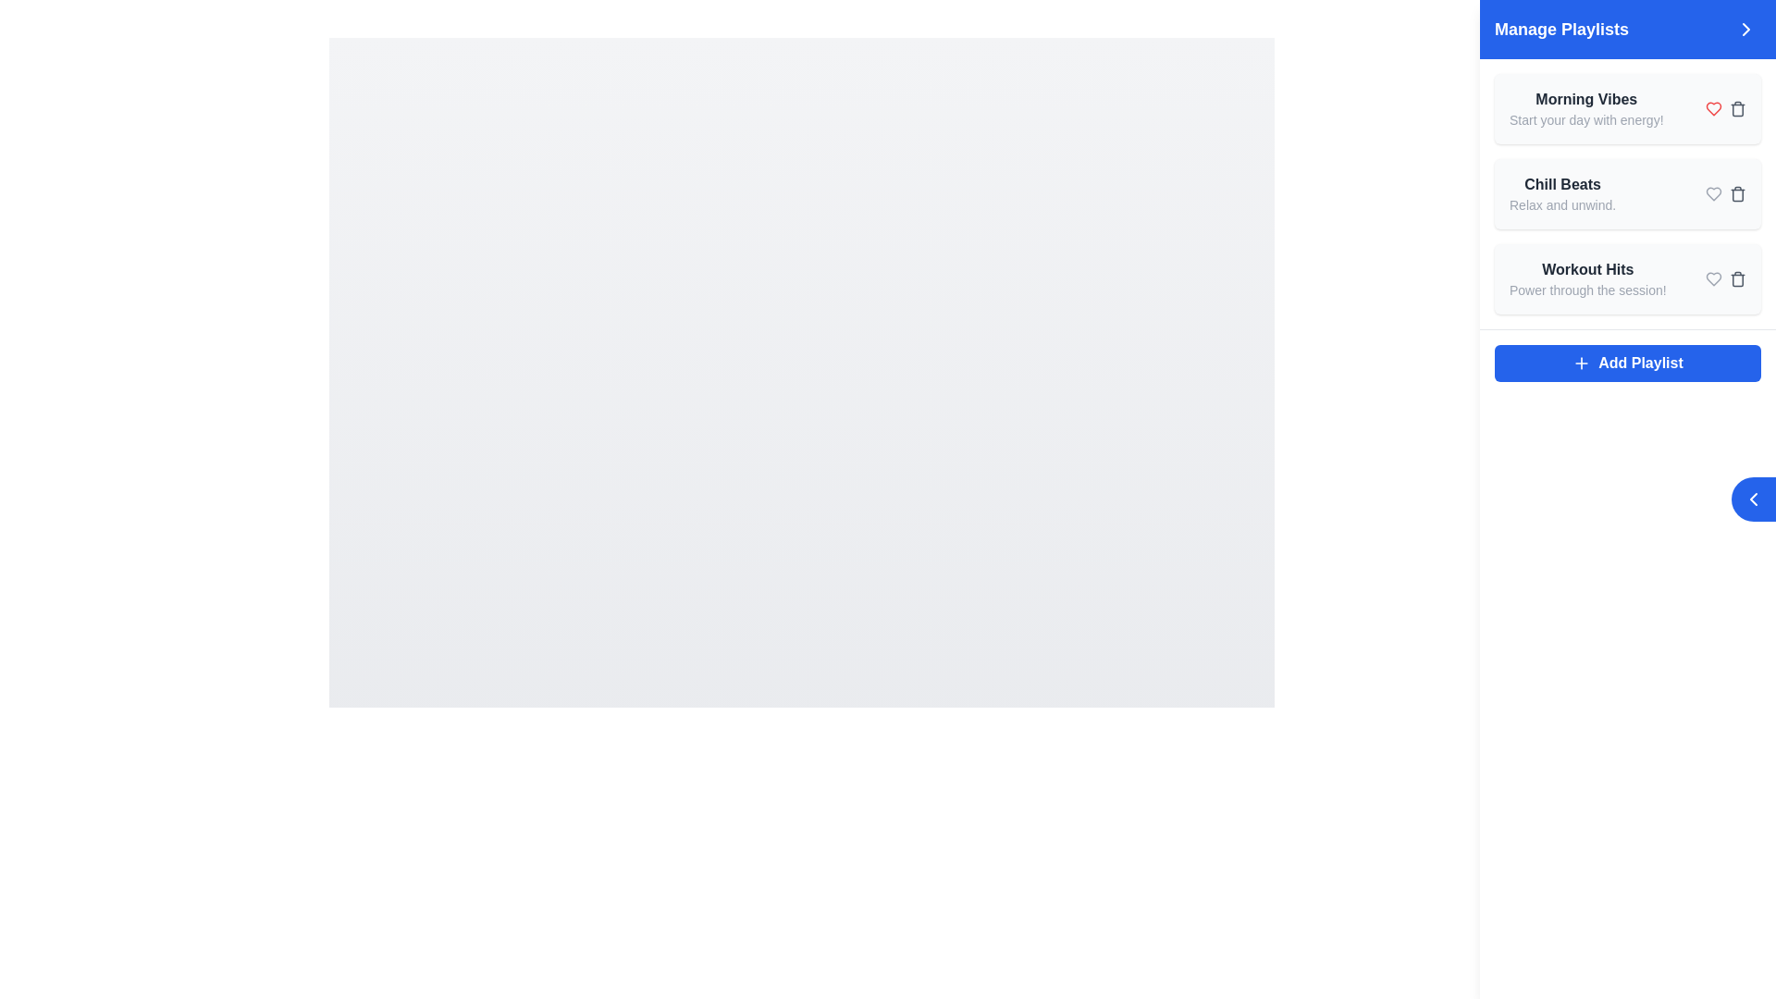 Image resolution: width=1776 pixels, height=999 pixels. What do you see at coordinates (1586, 278) in the screenshot?
I see `the text display containing 'Workout Hits' and 'Power through the session!' which is the third item under the 'Manage Playlists' section` at bounding box center [1586, 278].